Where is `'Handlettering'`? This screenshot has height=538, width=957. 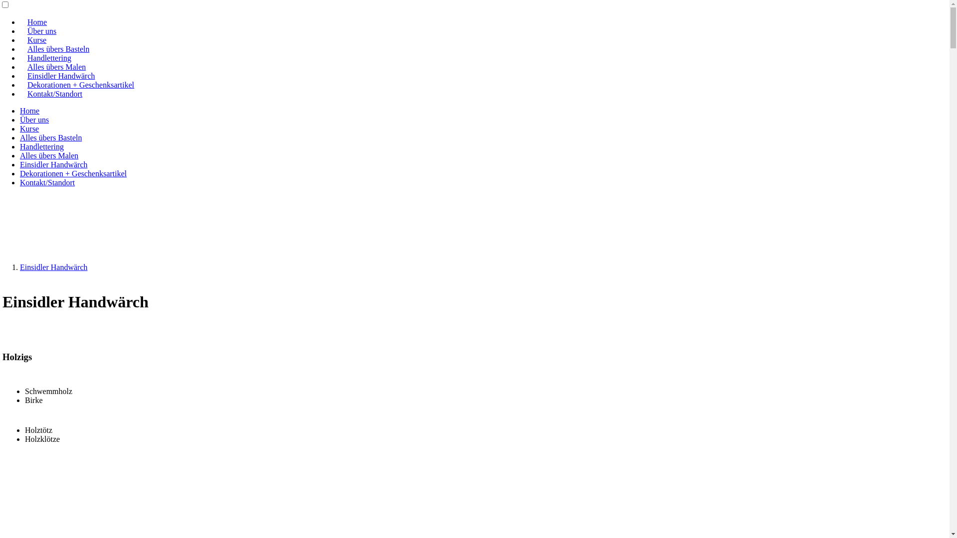
'Handlettering' is located at coordinates (41, 146).